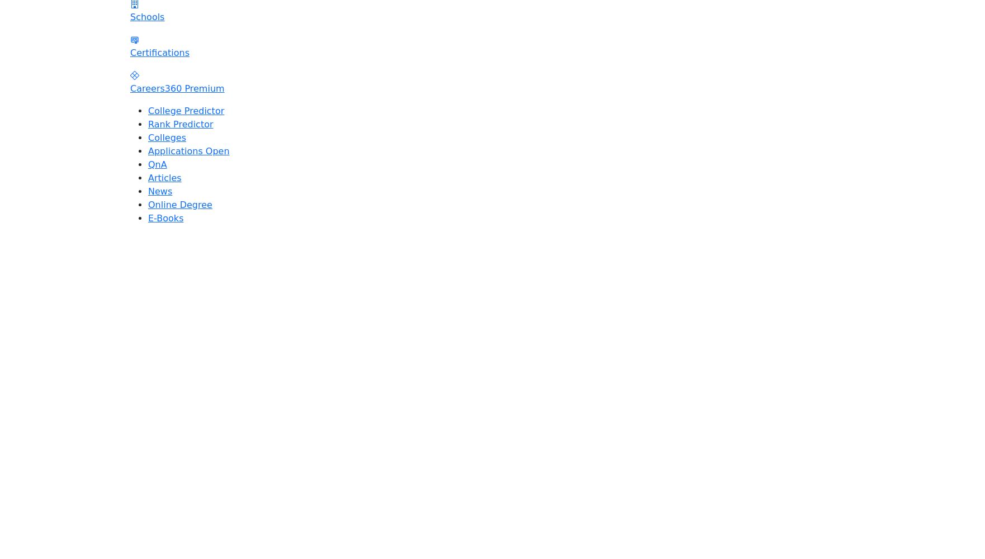 The image size is (985, 559). What do you see at coordinates (130, 88) in the screenshot?
I see `'Careers360 Premium'` at bounding box center [130, 88].